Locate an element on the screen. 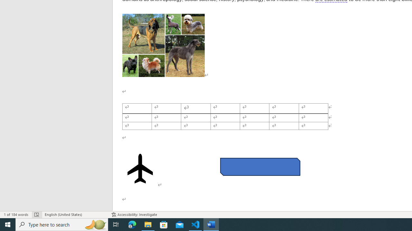  'Language English (United States)' is located at coordinates (75, 215).